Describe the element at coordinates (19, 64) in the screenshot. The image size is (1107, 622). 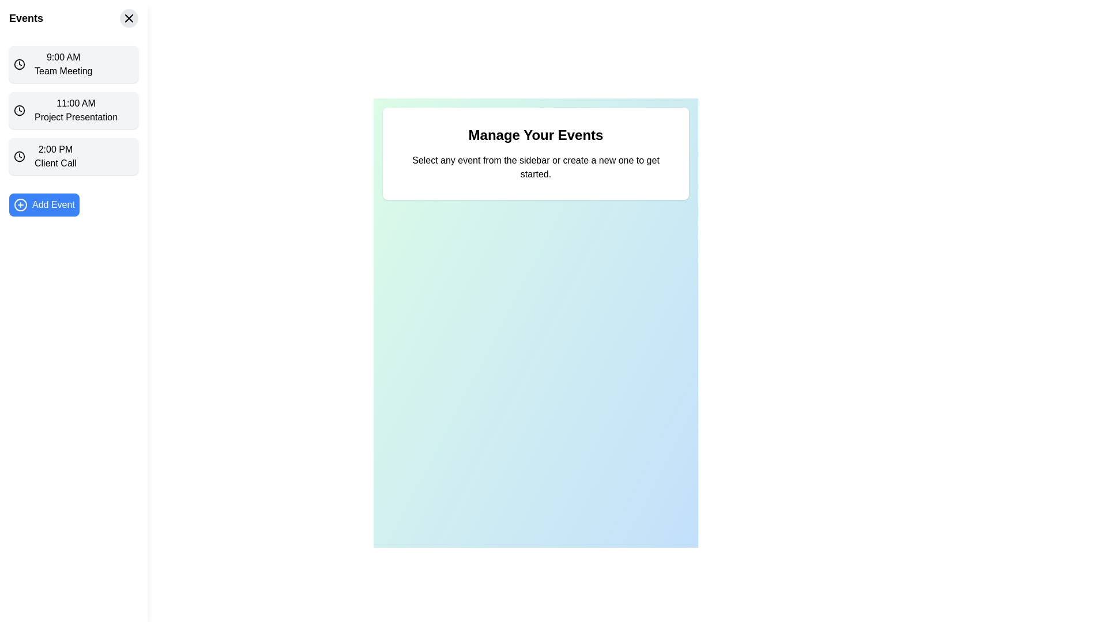
I see `the clock icon in the sidebar representing the event at '9:00 AM'` at that location.